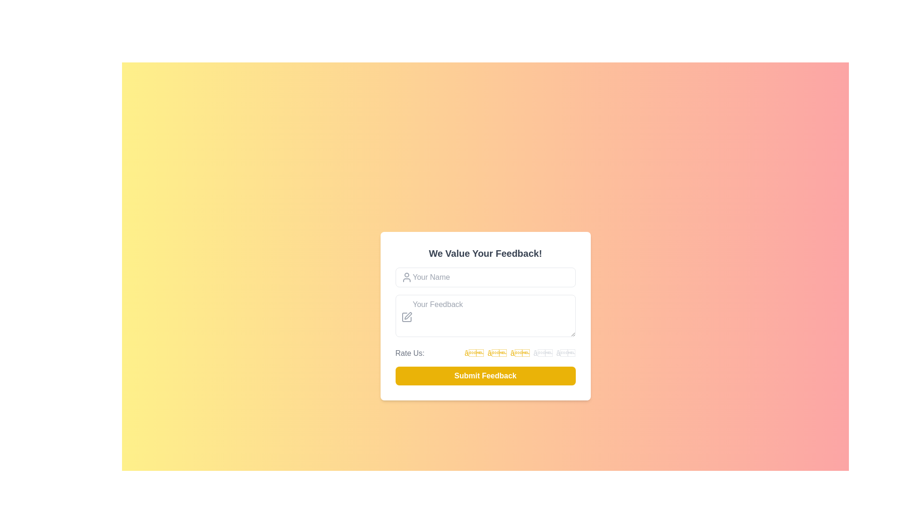 Image resolution: width=901 pixels, height=507 pixels. Describe the element at coordinates (519, 353) in the screenshot. I see `the third star-shaped button in the yellow color rating feature to rate three stars` at that location.